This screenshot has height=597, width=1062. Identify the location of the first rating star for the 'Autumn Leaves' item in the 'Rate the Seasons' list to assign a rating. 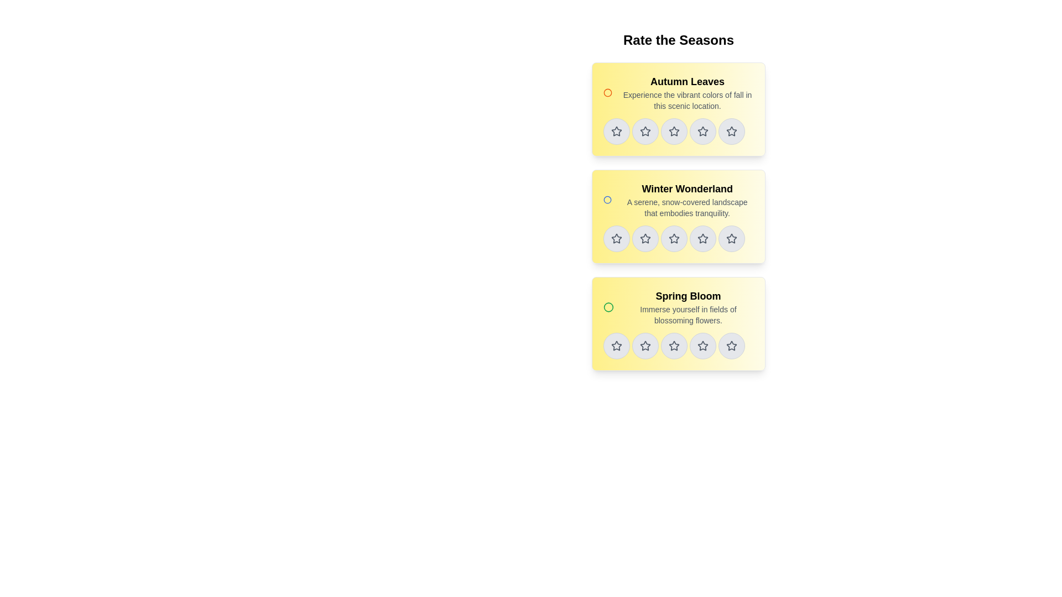
(616, 131).